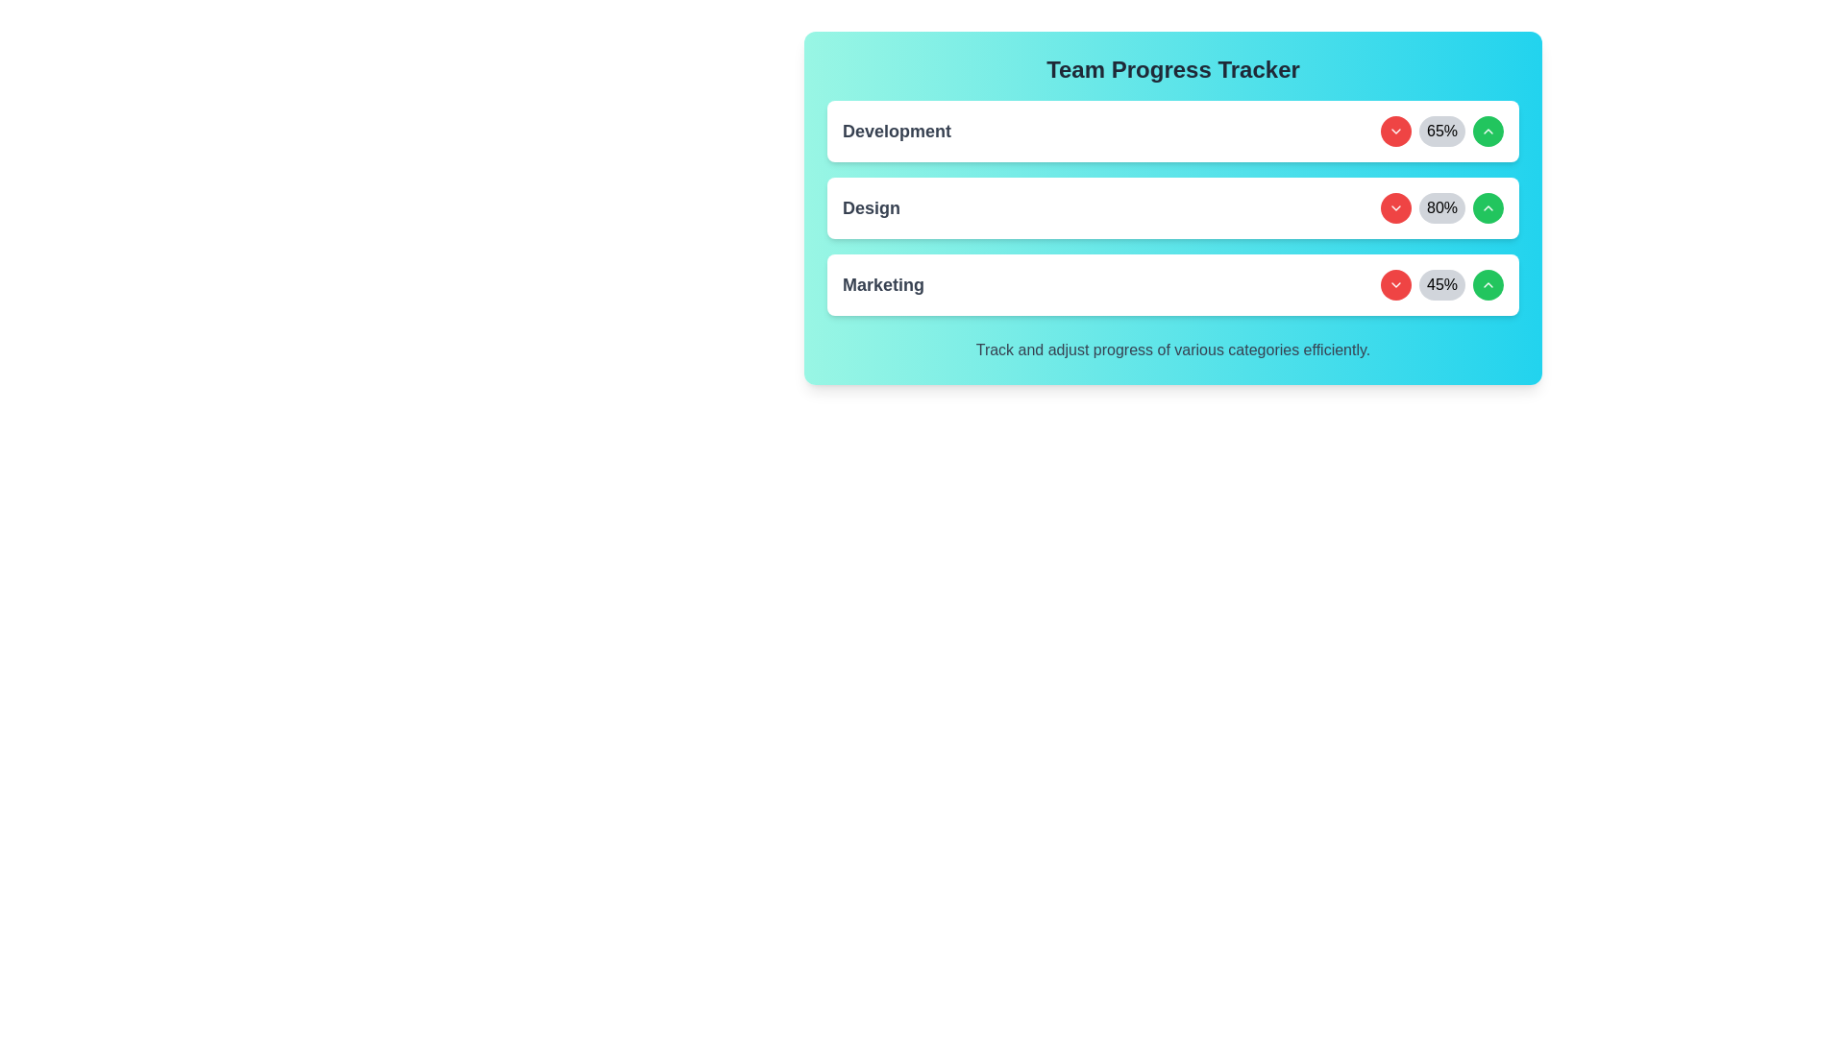 This screenshot has width=1845, height=1037. What do you see at coordinates (882, 285) in the screenshot?
I see `the text label displaying 'Marketing' in bold, dark gray font, located below 'Development' and 'Design' labels` at bounding box center [882, 285].